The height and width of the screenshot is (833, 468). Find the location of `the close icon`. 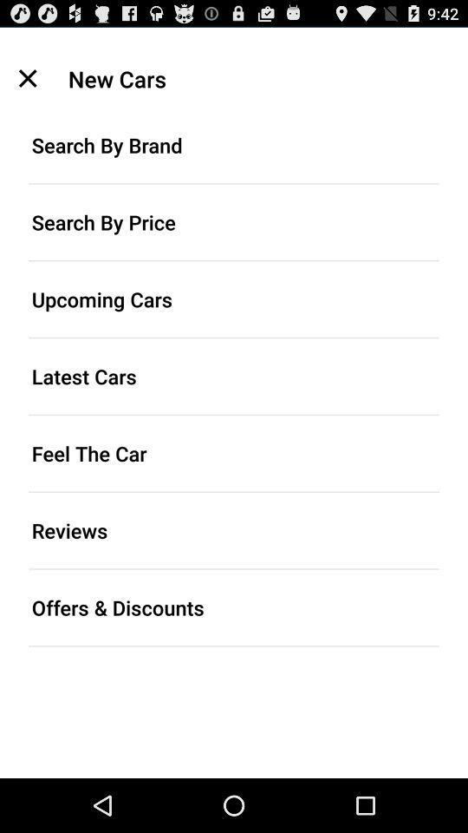

the close icon is located at coordinates (27, 83).